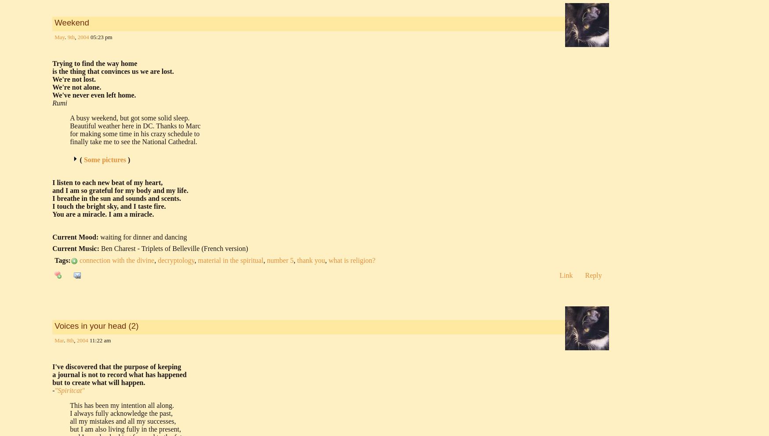  I want to click on 'and I am so grateful for my body and my life.', so click(120, 190).